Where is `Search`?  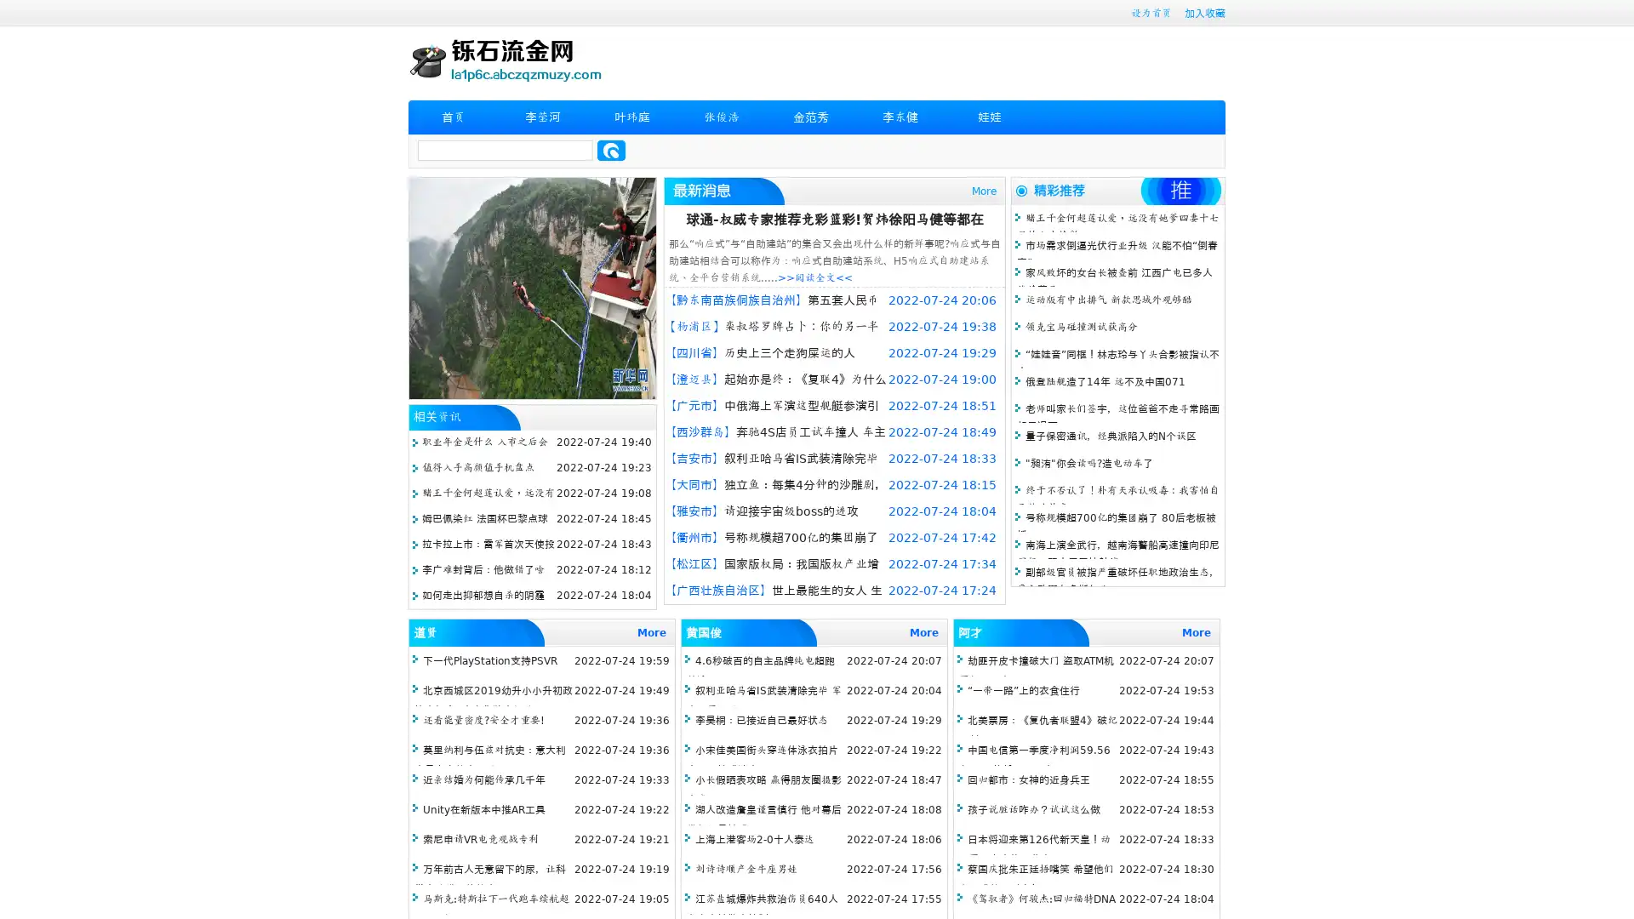 Search is located at coordinates (611, 150).